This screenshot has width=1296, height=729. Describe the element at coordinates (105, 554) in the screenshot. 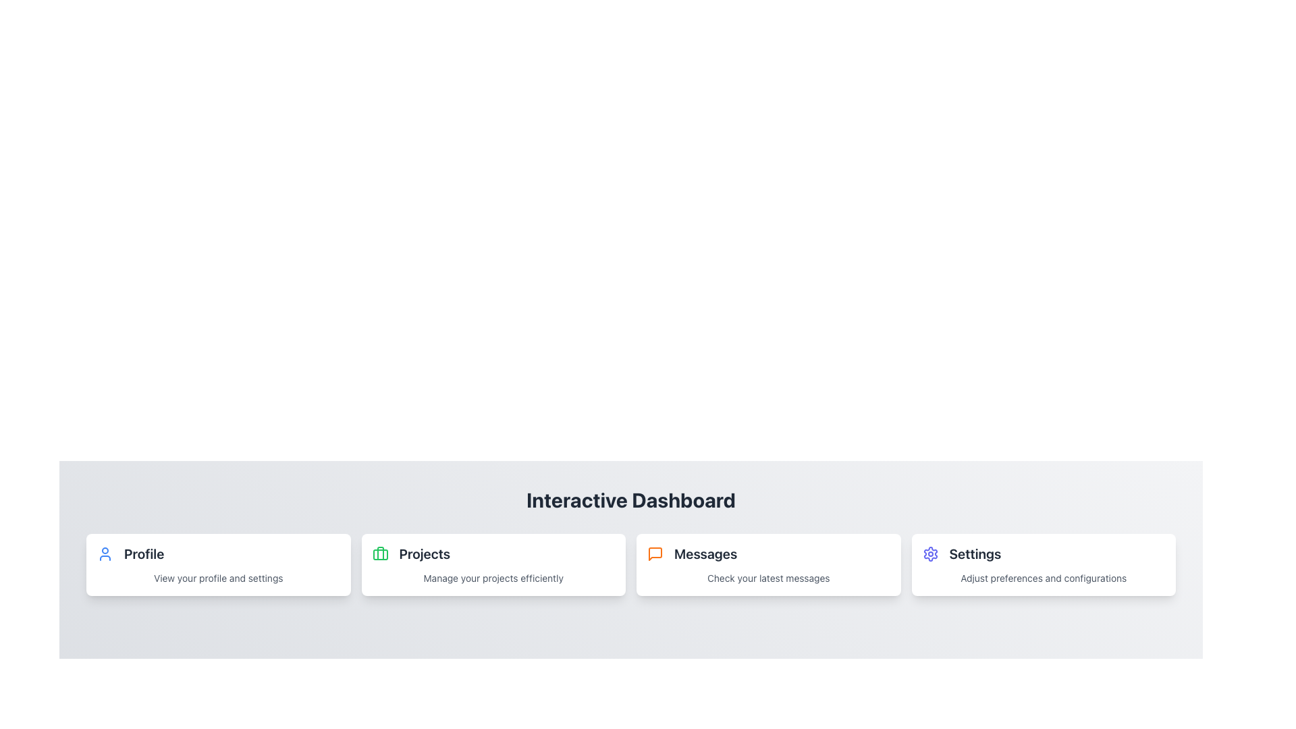

I see `the profile icon located in the top left corner of the leftmost card labeled 'Profile', adjacent to the text 'Profile'` at that location.